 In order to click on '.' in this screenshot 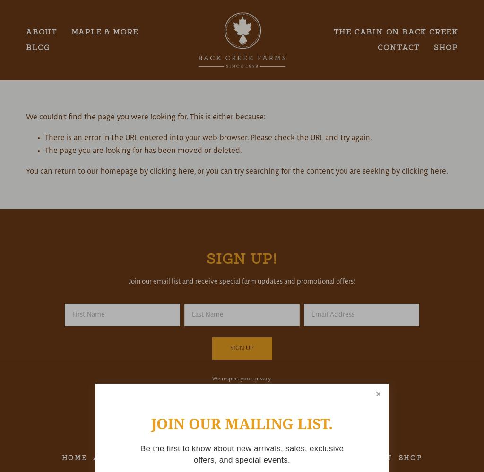, I will do `click(447, 171)`.